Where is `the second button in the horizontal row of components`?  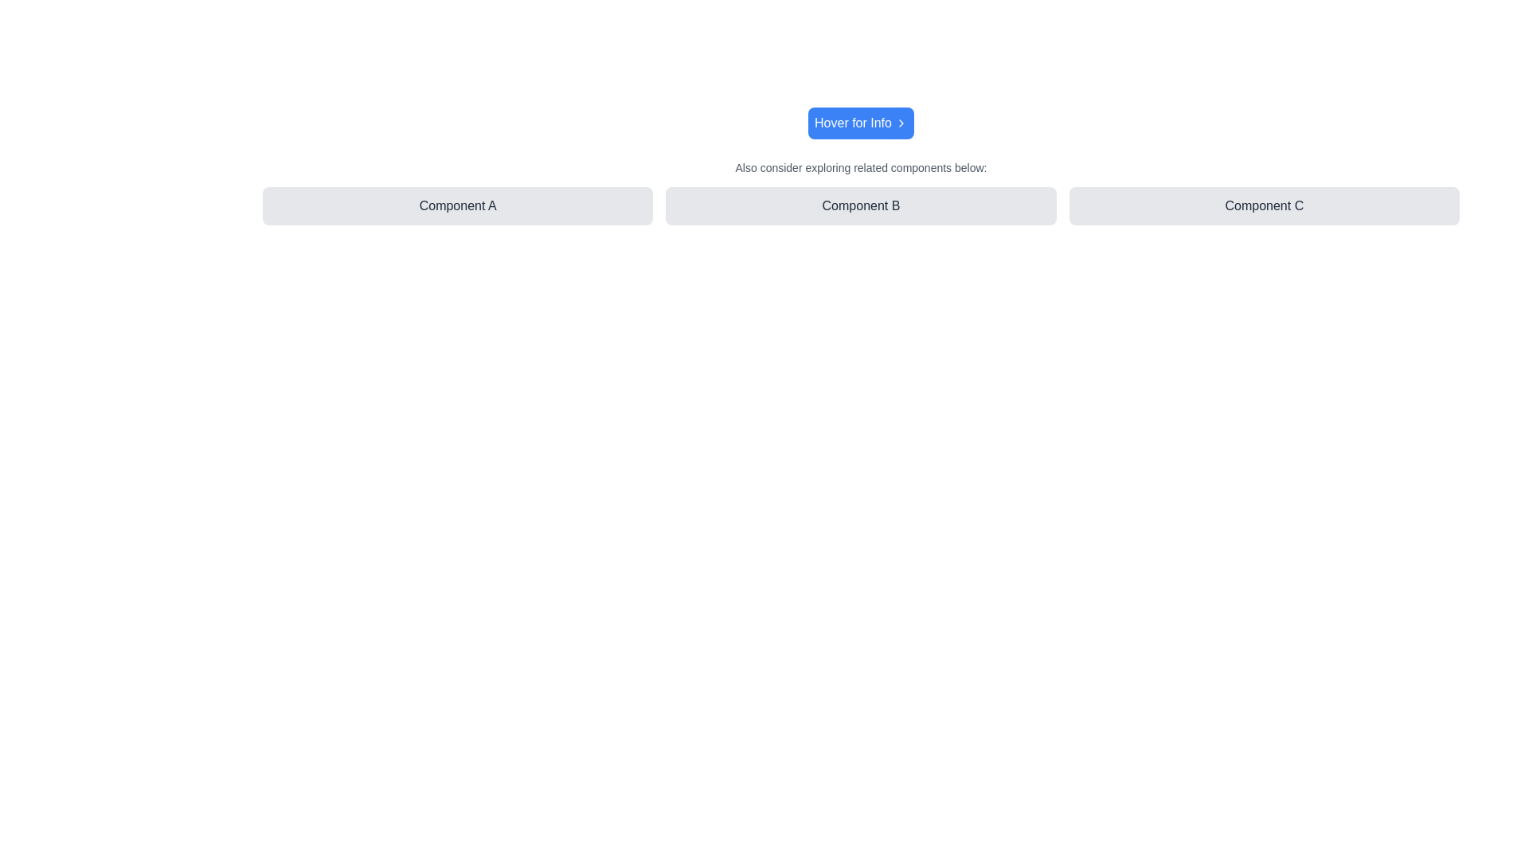
the second button in the horizontal row of components is located at coordinates (859, 205).